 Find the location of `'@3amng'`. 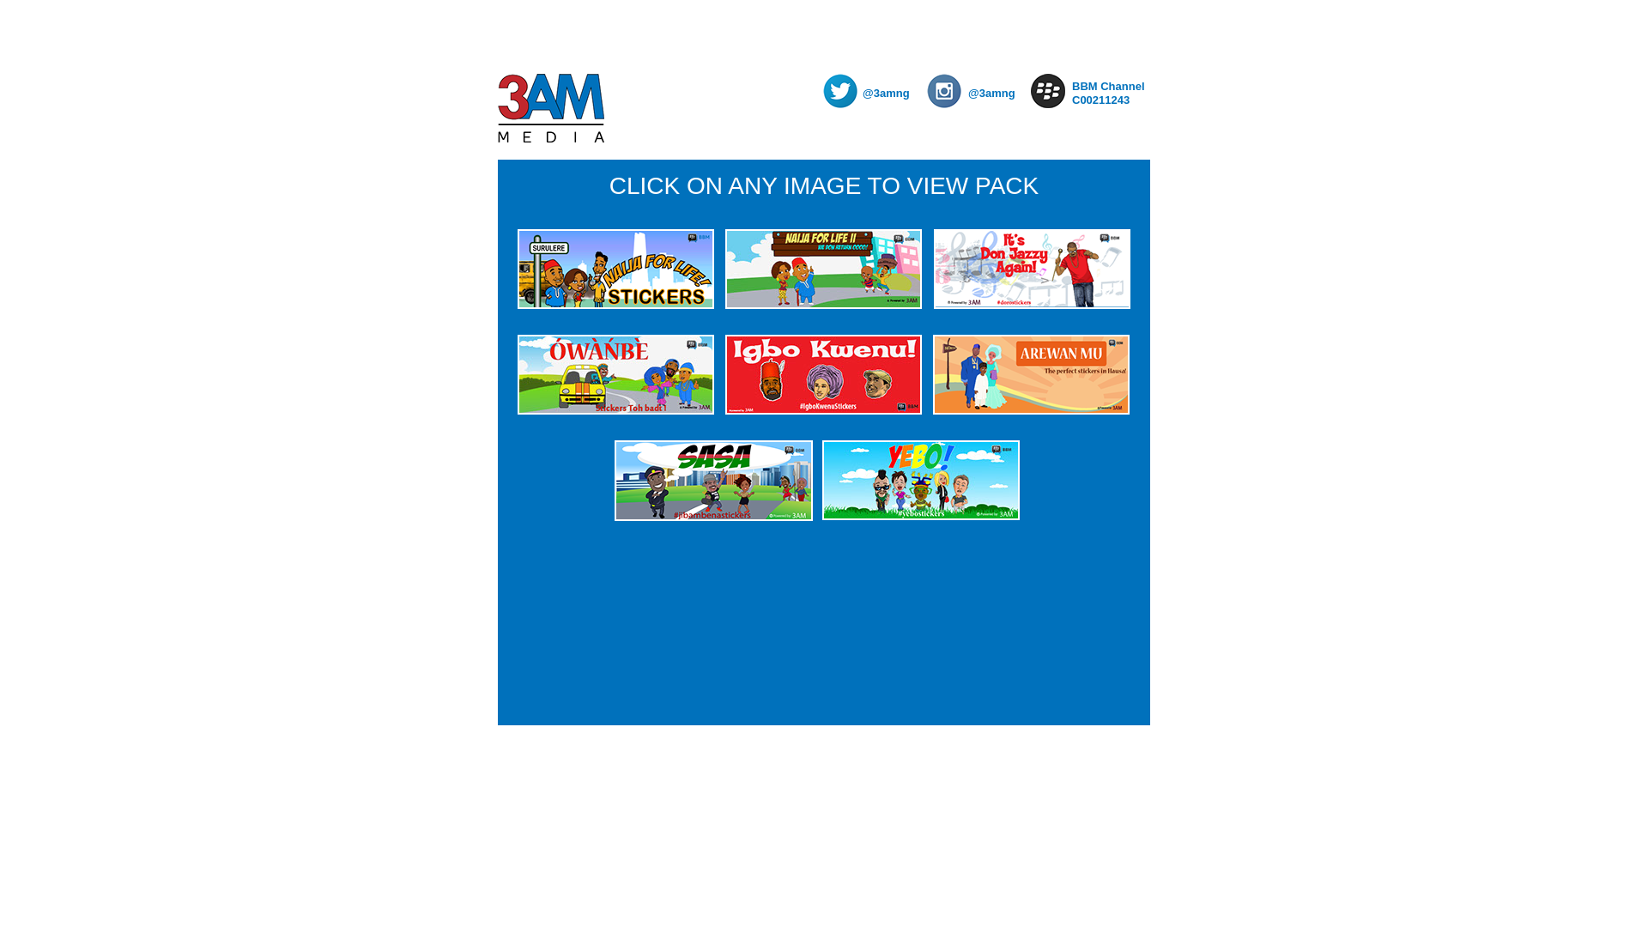

'@3amng' is located at coordinates (890, 93).